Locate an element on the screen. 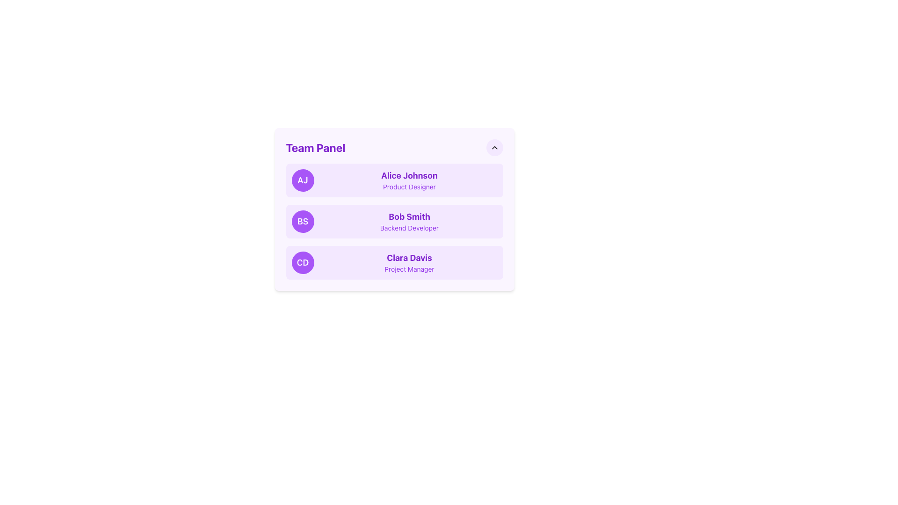  the text label displaying 'Backend Developer', which is positioned below 'Bob Smith' and styled in purple color is located at coordinates (409, 228).